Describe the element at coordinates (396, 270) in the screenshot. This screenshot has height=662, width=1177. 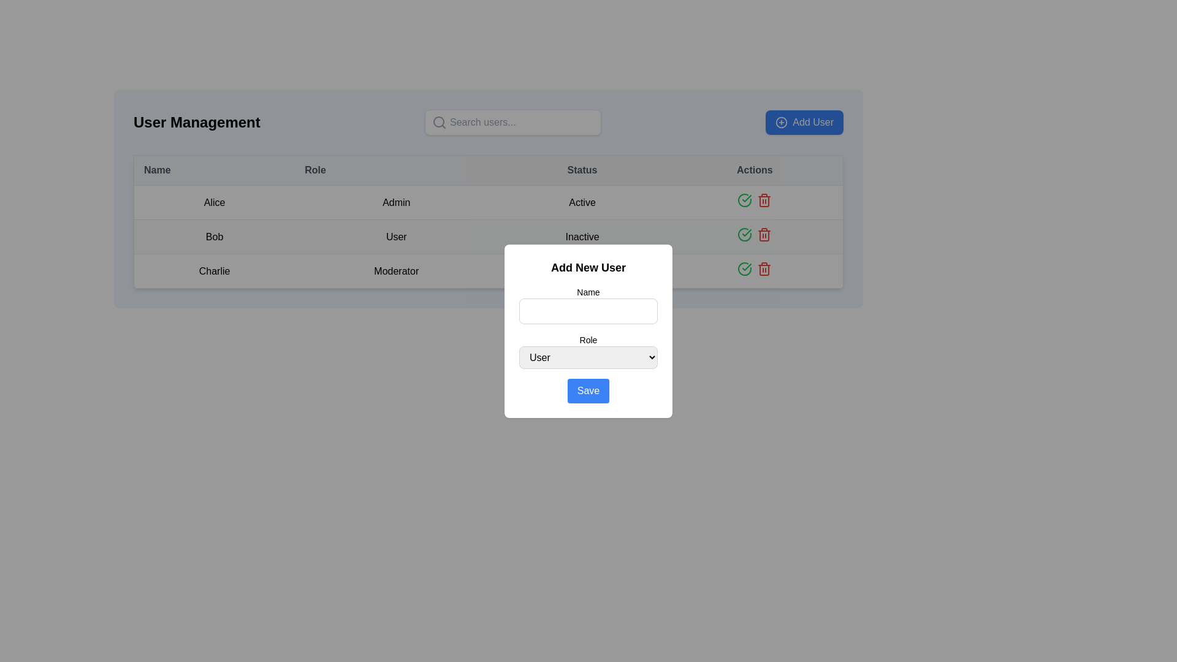
I see `the table cell containing the text 'Moderator' in the 'Role' column for the user 'Charlie'` at that location.